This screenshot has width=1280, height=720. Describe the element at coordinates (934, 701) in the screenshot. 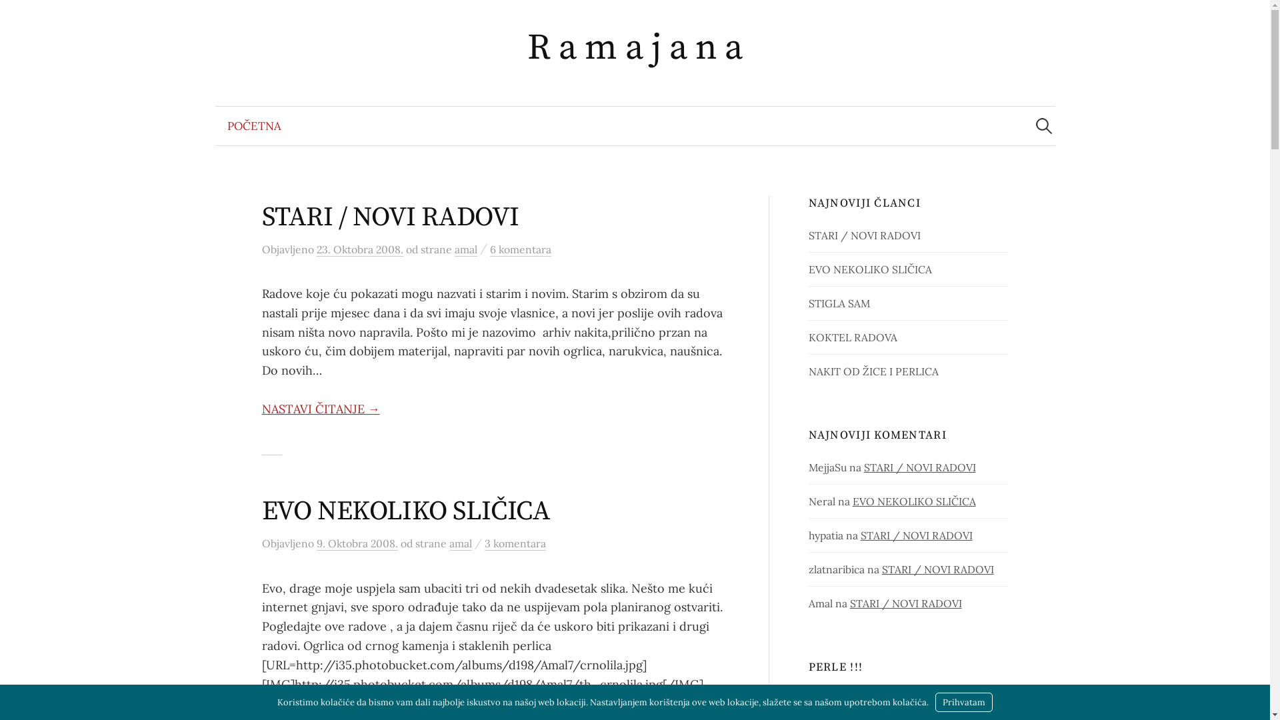

I see `'Prihvatam'` at that location.